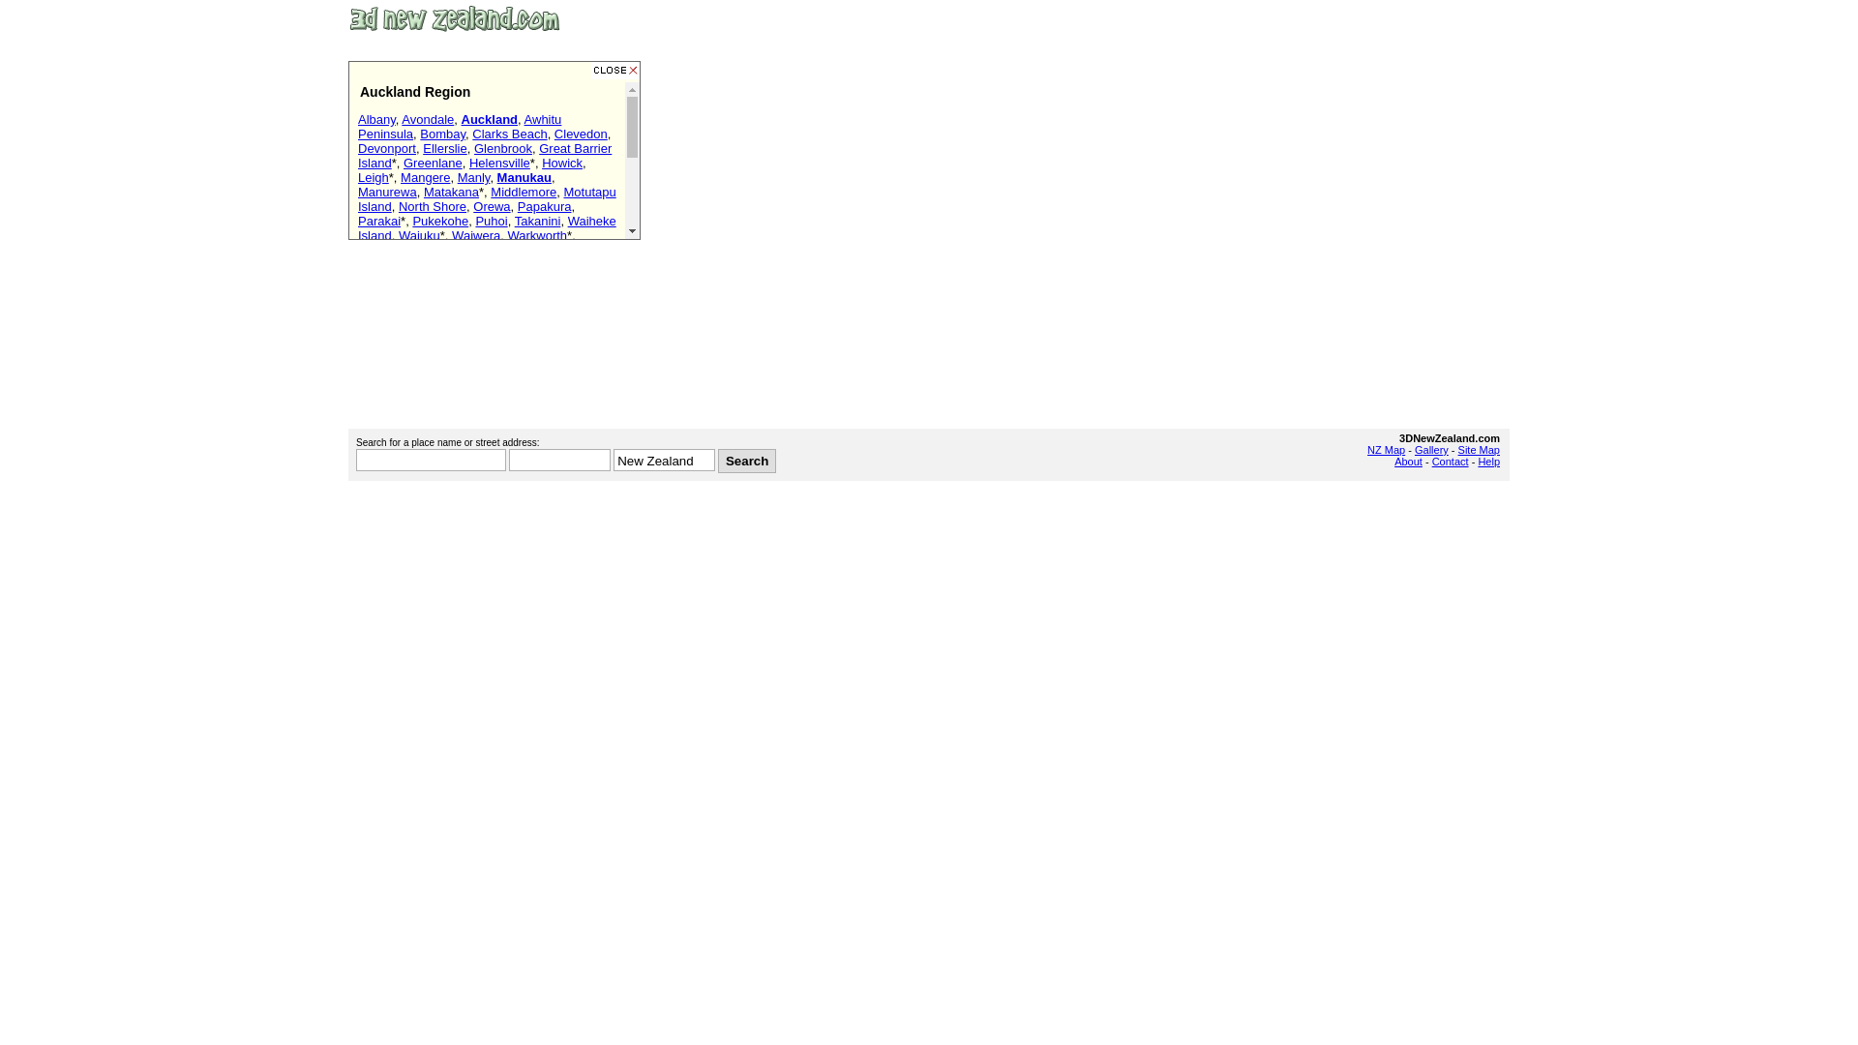 Image resolution: width=1858 pixels, height=1045 pixels. Describe the element at coordinates (524, 192) in the screenshot. I see `'Middlemore'` at that location.